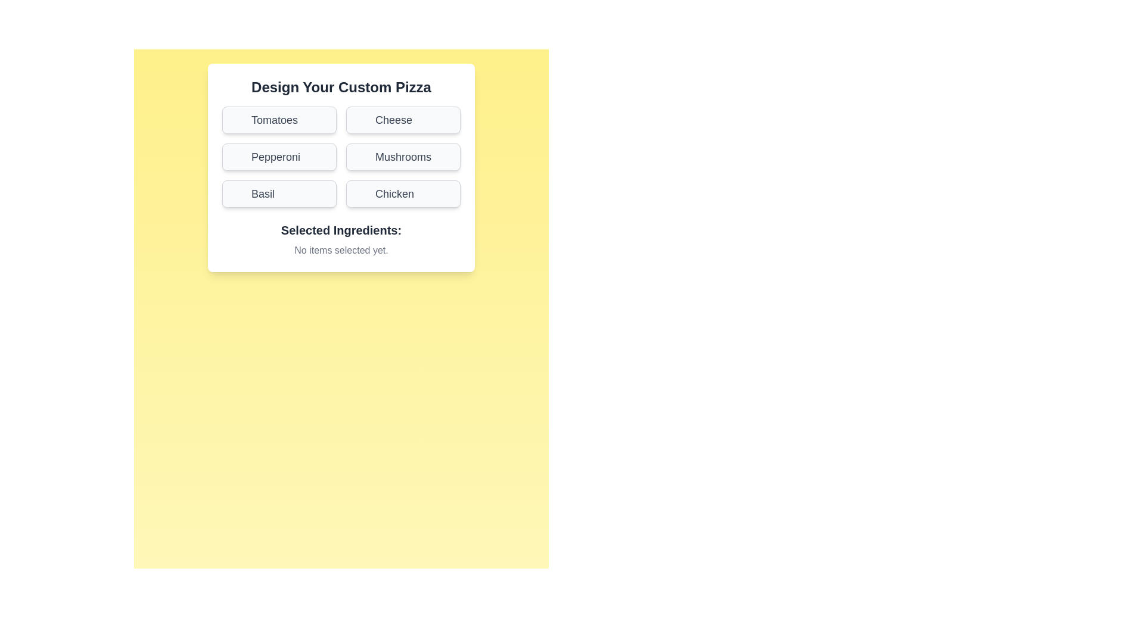 The image size is (1144, 643). What do you see at coordinates (279, 156) in the screenshot?
I see `the ingredient button labeled Pepperoni to toggle its selection` at bounding box center [279, 156].